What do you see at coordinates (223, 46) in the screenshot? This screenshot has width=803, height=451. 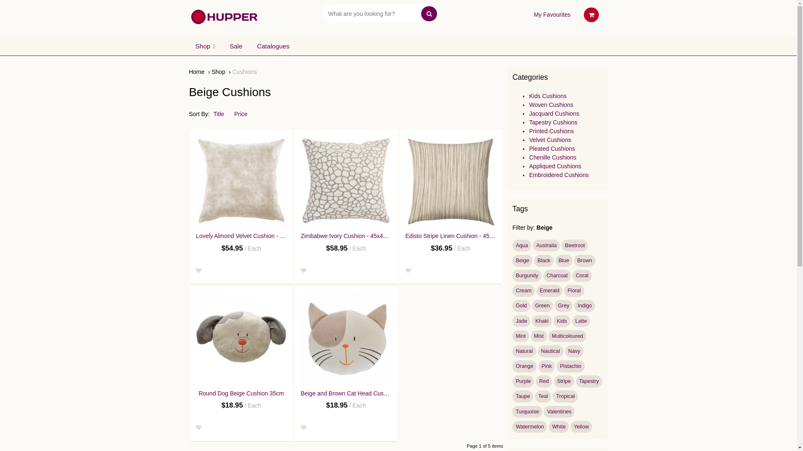 I see `'Sale'` at bounding box center [223, 46].